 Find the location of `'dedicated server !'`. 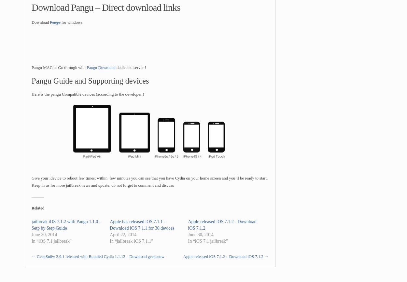

'dedicated server !' is located at coordinates (130, 67).